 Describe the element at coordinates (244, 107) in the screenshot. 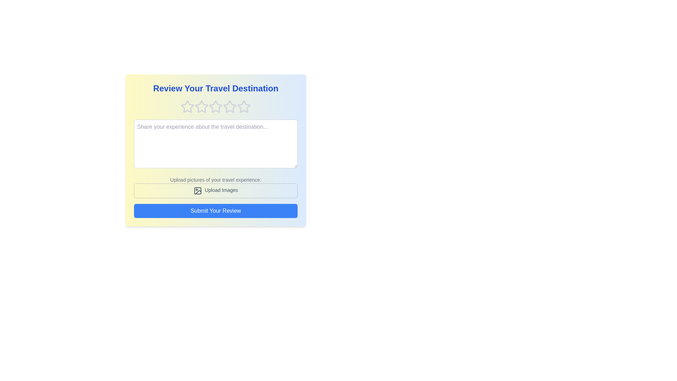

I see `the rating to 5 stars by clicking on the corresponding star icon` at that location.